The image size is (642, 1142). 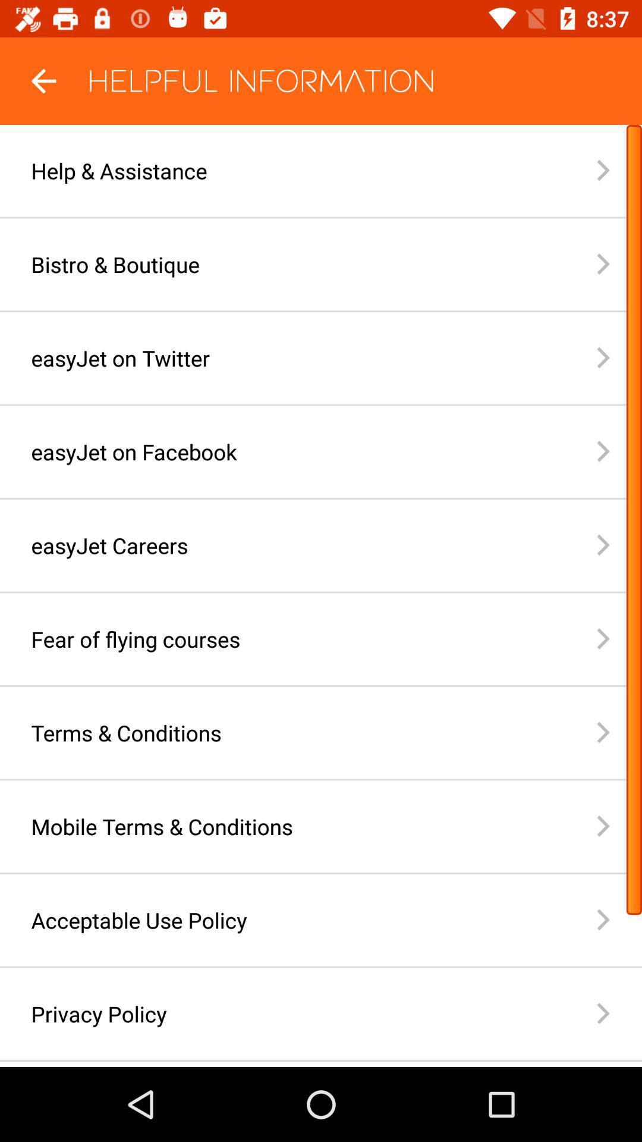 I want to click on the arrow button which is before easyjet careers on page, so click(x=618, y=544).